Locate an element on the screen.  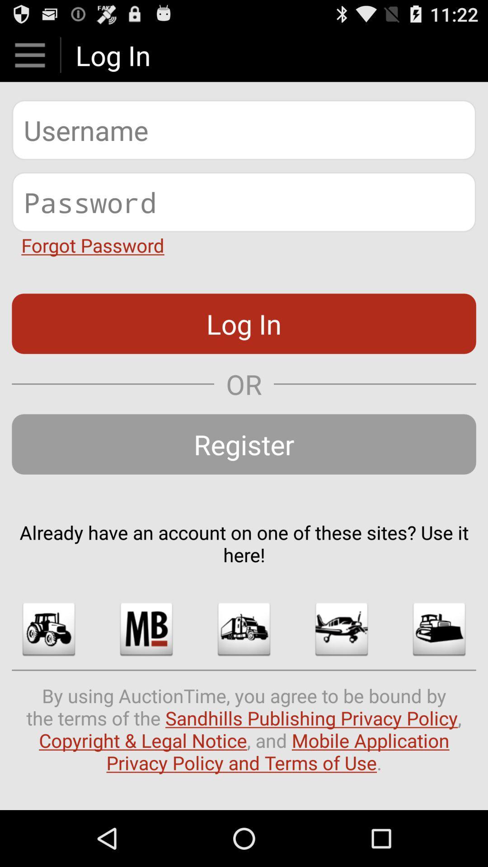
the menu icon is located at coordinates (29, 58).